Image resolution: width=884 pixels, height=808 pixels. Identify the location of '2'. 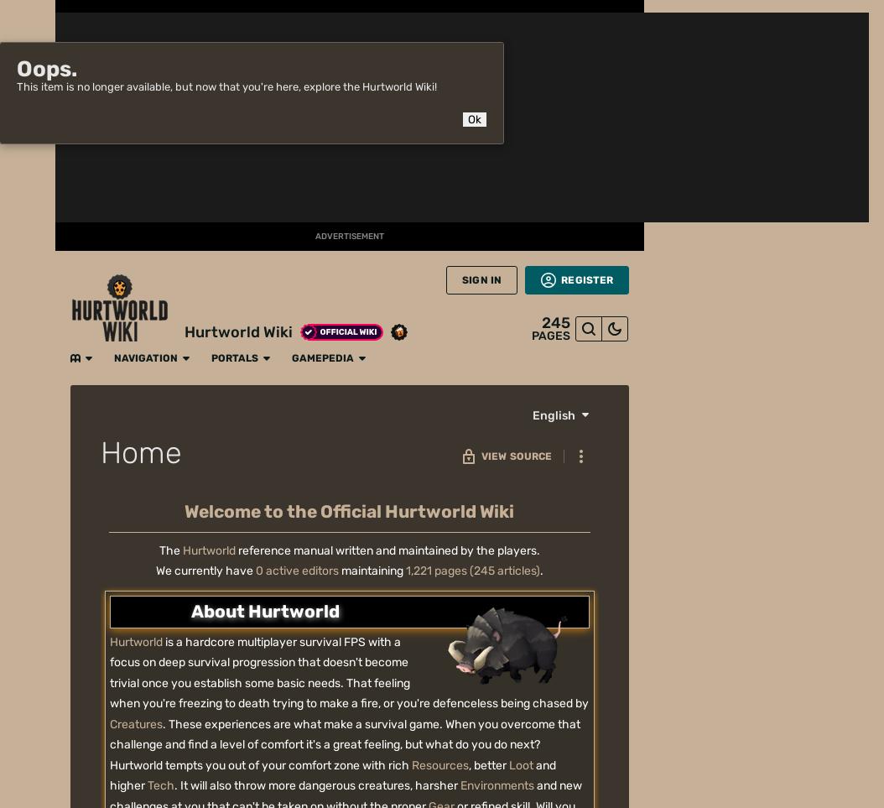
(564, 224).